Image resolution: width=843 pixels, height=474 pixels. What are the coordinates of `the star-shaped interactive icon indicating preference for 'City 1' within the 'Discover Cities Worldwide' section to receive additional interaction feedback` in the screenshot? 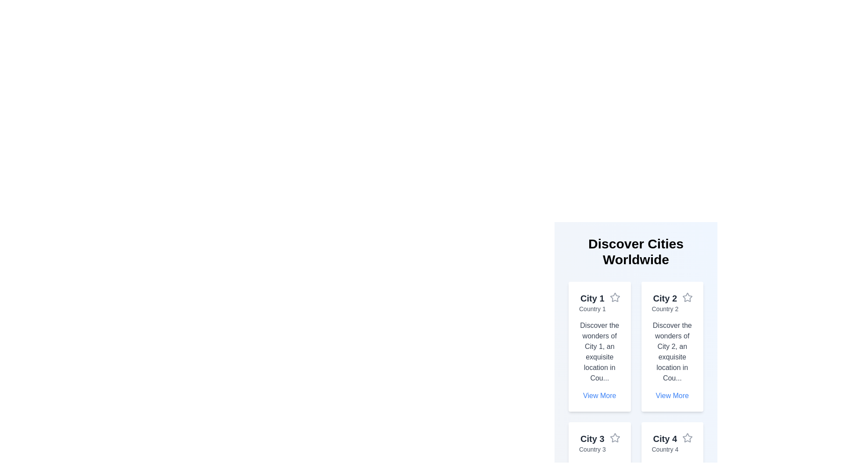 It's located at (614, 297).